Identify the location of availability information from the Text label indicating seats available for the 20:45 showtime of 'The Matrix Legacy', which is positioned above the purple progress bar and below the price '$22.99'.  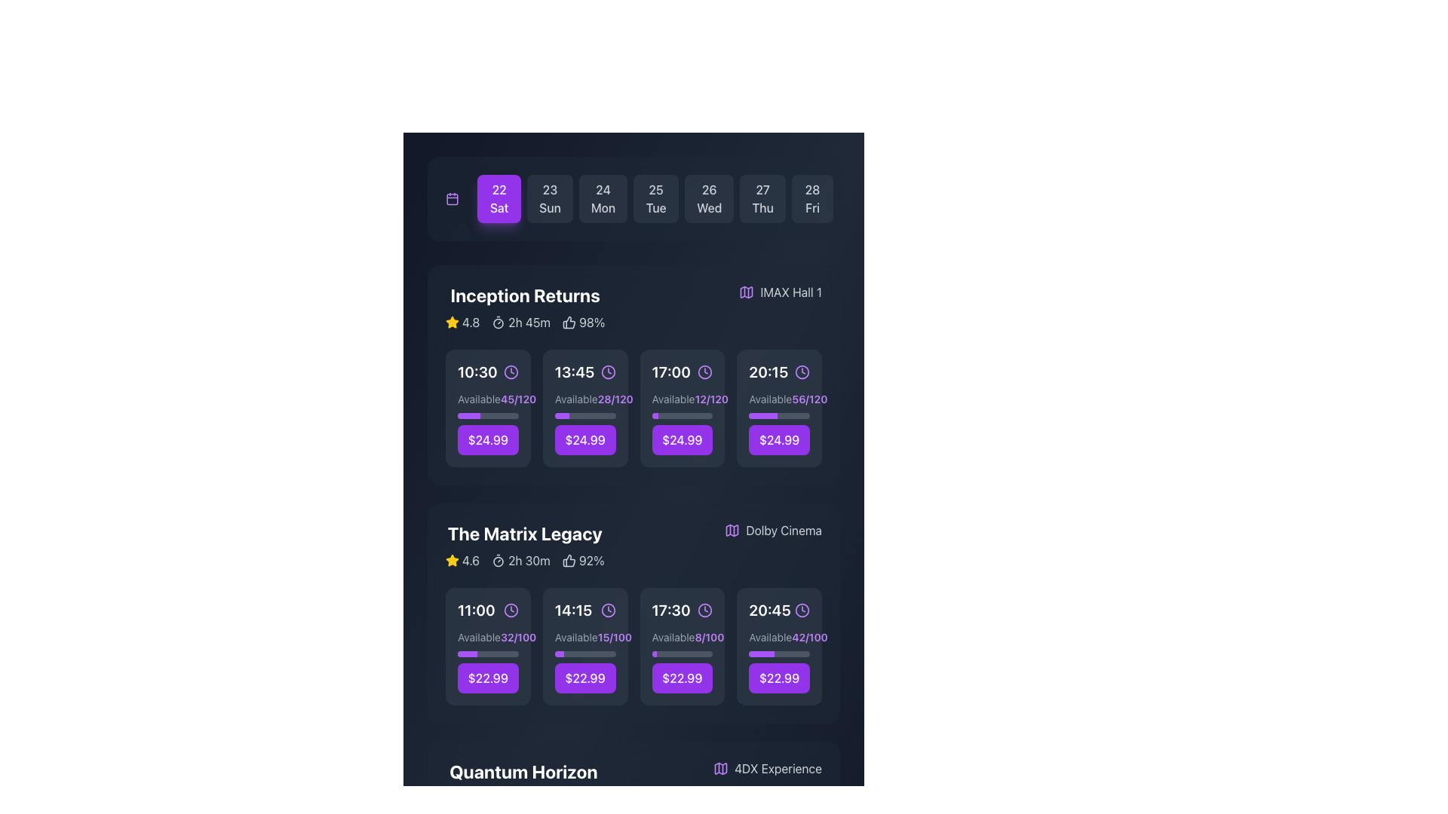
(779, 637).